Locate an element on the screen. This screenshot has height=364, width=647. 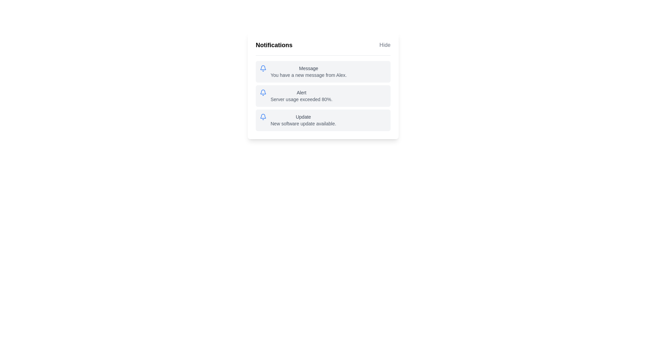
the third notification item in the notification pane that informs the user about a new software update is located at coordinates (323, 120).